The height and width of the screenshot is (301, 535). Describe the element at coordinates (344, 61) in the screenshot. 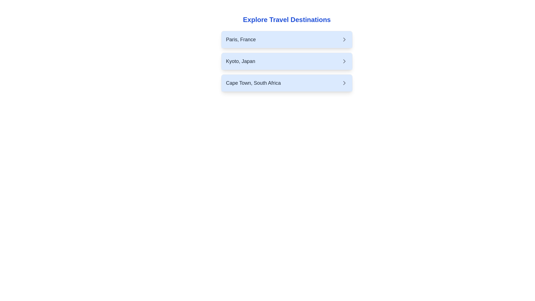

I see `the small right arrow icon located to the right of the text 'Kyoto, Japan' in the travel destinations list` at that location.